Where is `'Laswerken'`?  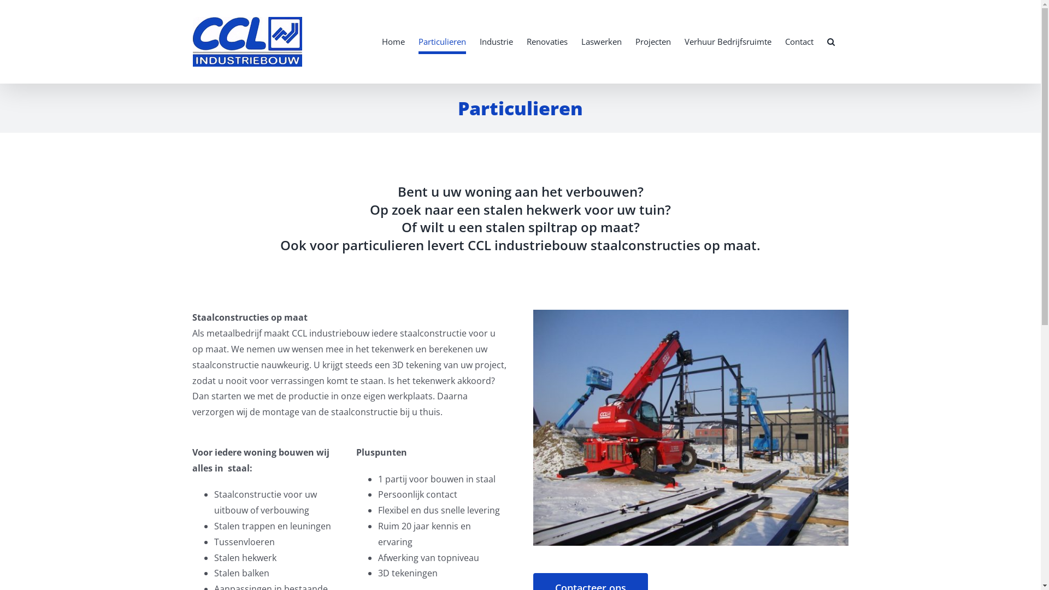 'Laswerken' is located at coordinates (600, 41).